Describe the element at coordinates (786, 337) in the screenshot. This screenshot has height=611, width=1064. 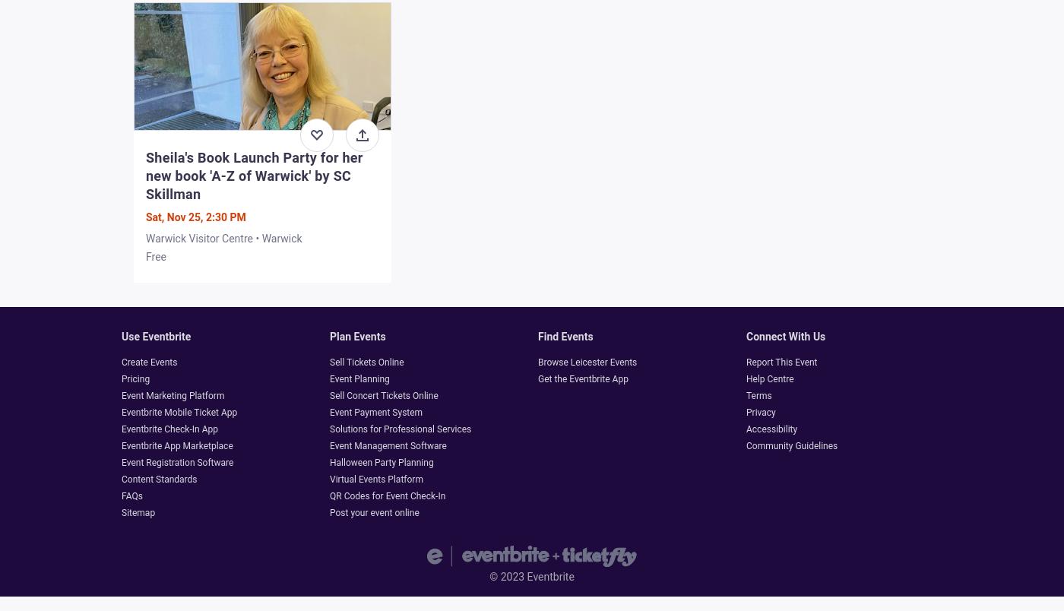
I see `'Connect with us'` at that location.